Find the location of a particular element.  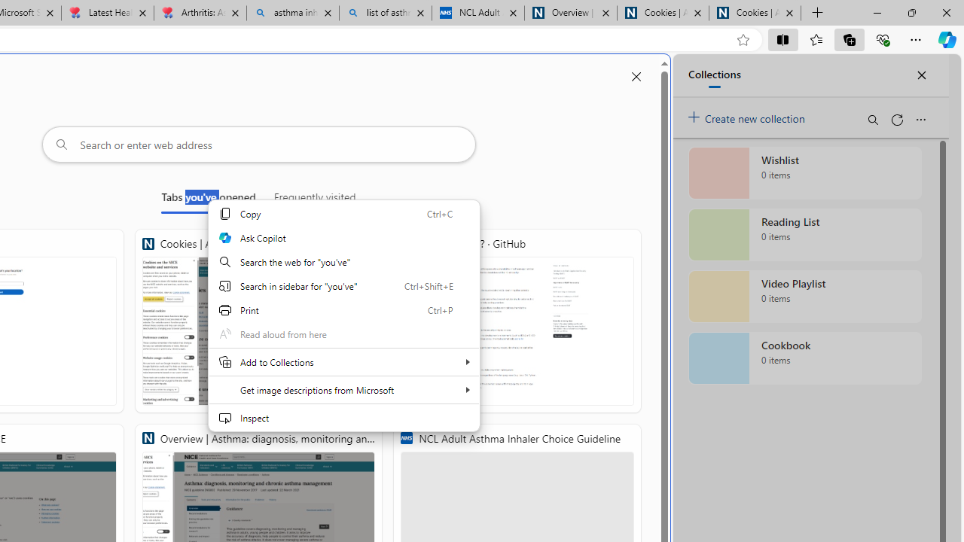

'Web context' is located at coordinates (343, 324).